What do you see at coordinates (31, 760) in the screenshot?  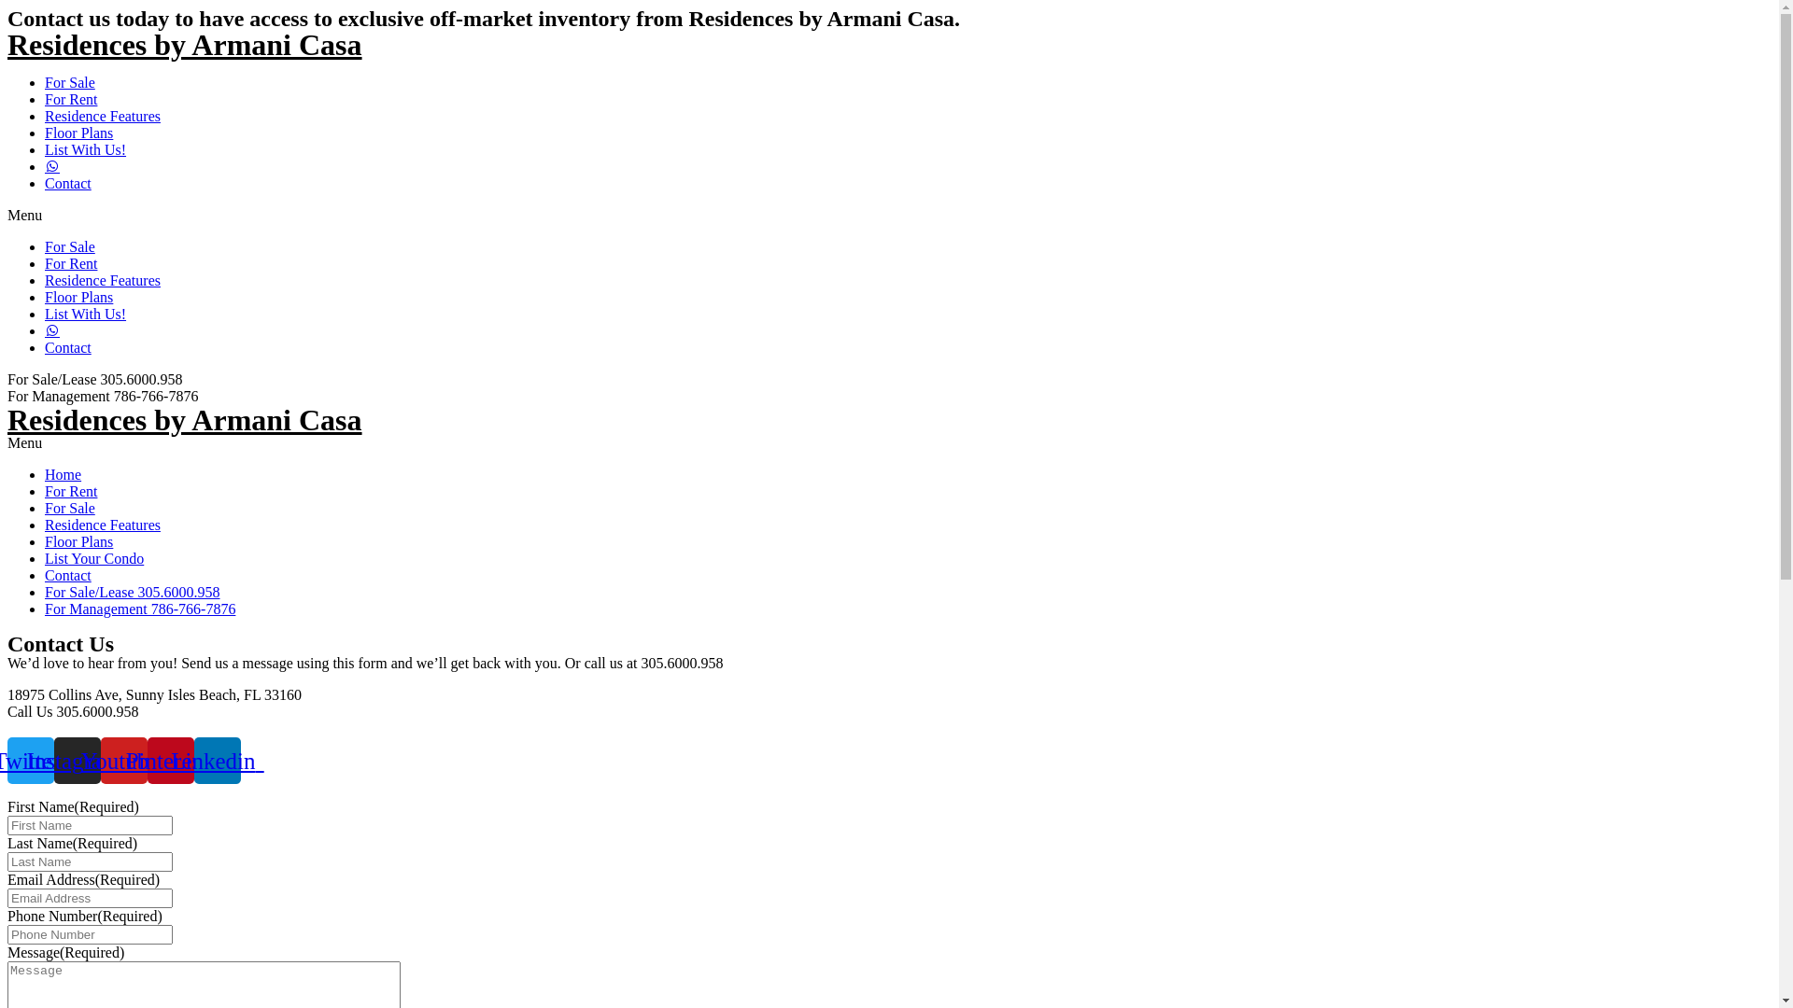 I see `'Twitter'` at bounding box center [31, 760].